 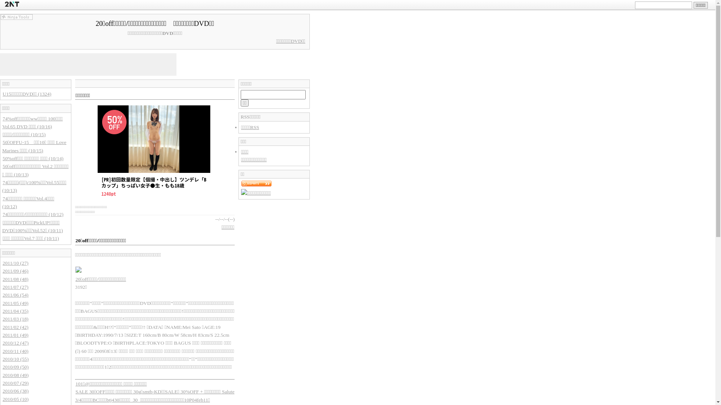 I want to click on '2011/08 (48)', so click(x=15, y=279).